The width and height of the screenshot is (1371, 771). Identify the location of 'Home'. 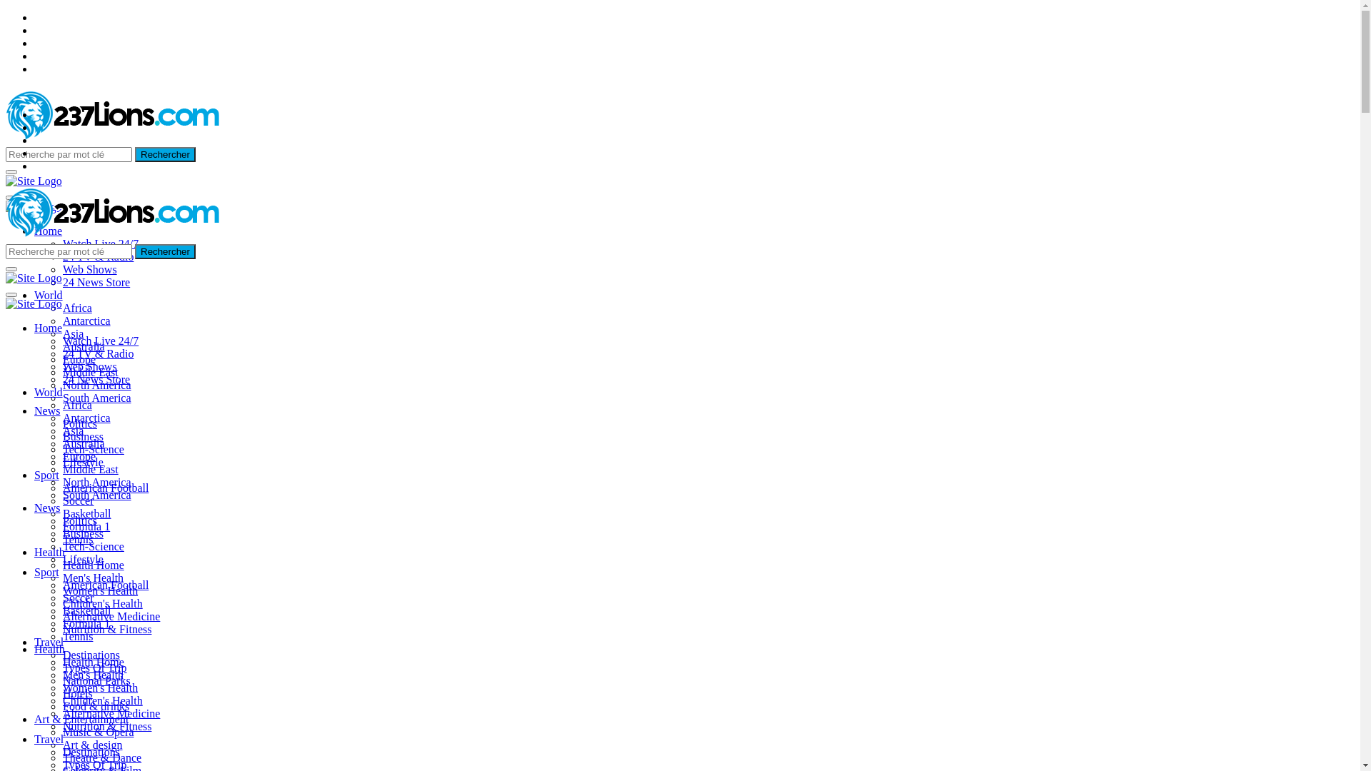
(34, 328).